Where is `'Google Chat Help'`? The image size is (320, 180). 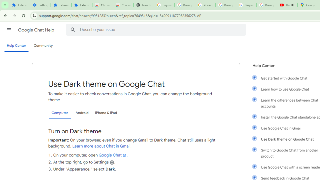 'Google Chat Help' is located at coordinates (36, 30).